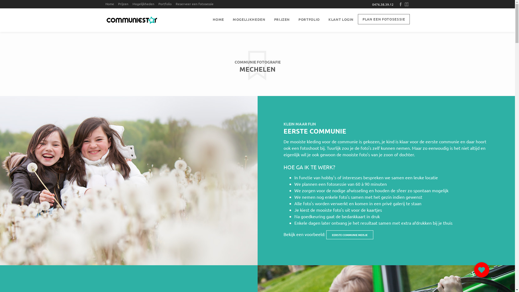 This screenshot has width=519, height=292. Describe the element at coordinates (309, 19) in the screenshot. I see `'PORTFOLIO'` at that location.